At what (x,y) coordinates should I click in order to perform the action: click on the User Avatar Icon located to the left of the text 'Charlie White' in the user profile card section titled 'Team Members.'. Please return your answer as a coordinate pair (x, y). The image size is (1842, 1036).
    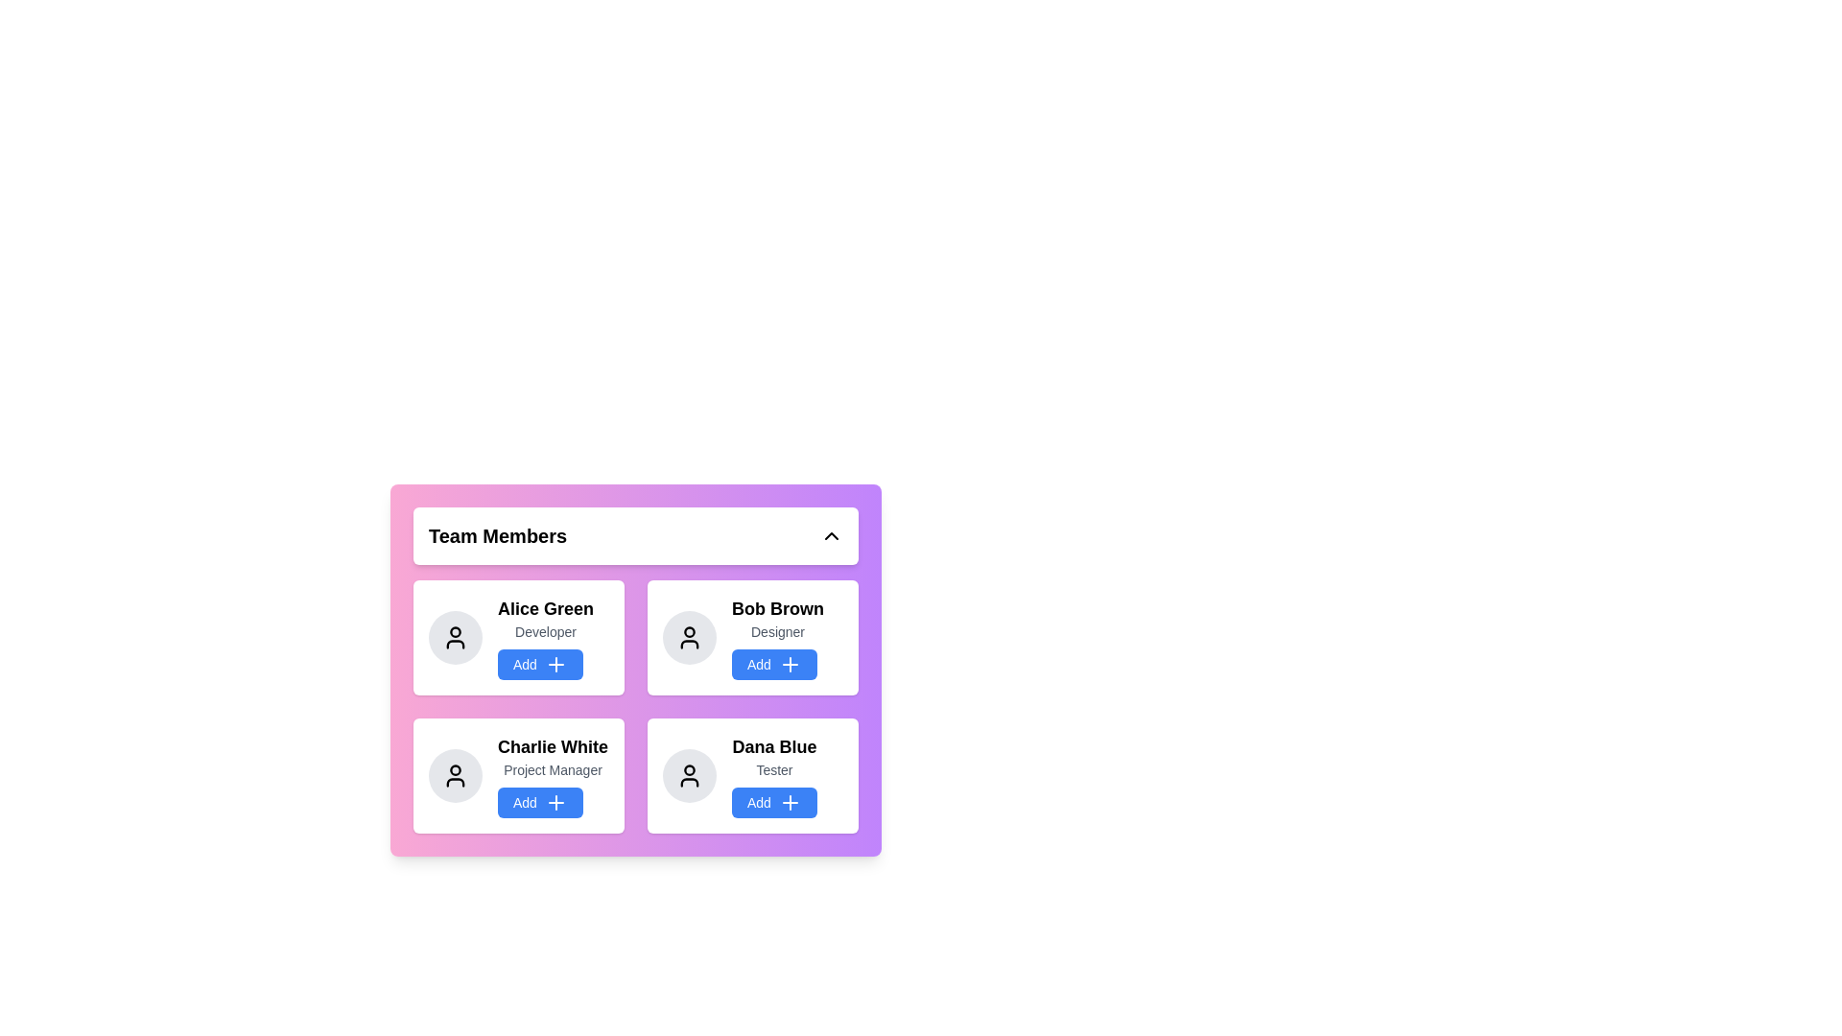
    Looking at the image, I should click on (455, 775).